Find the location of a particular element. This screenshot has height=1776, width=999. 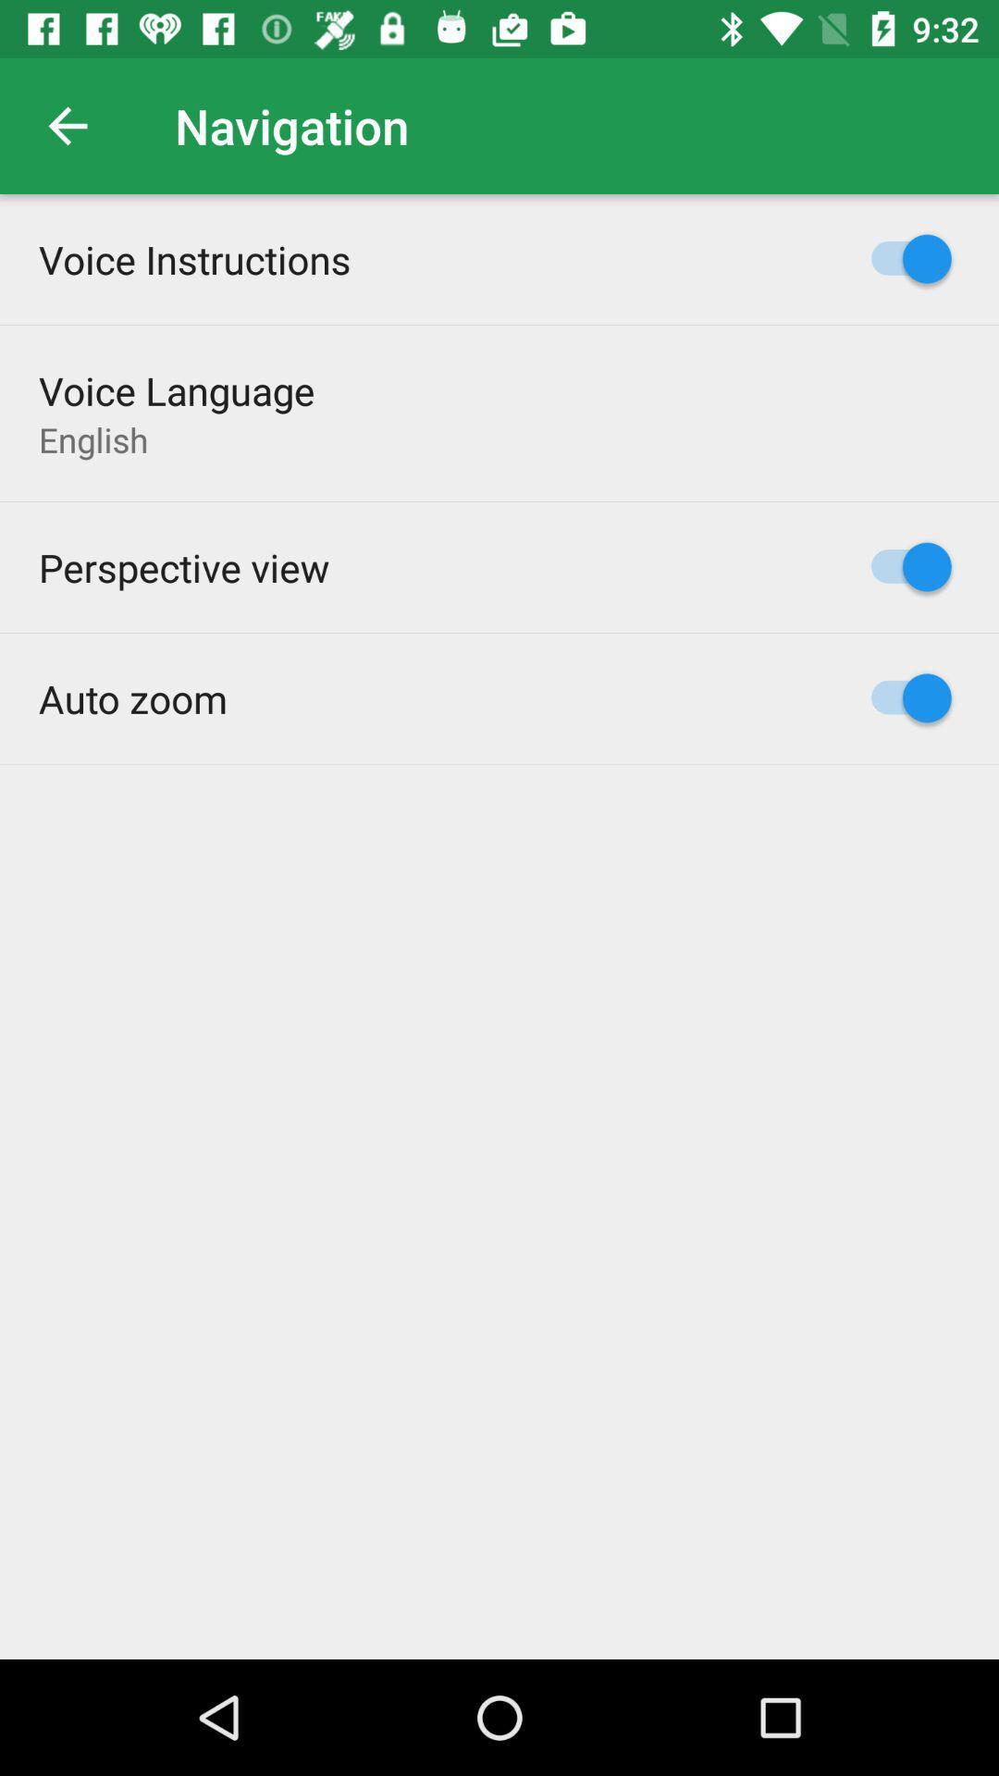

icon above the english item is located at coordinates (177, 389).